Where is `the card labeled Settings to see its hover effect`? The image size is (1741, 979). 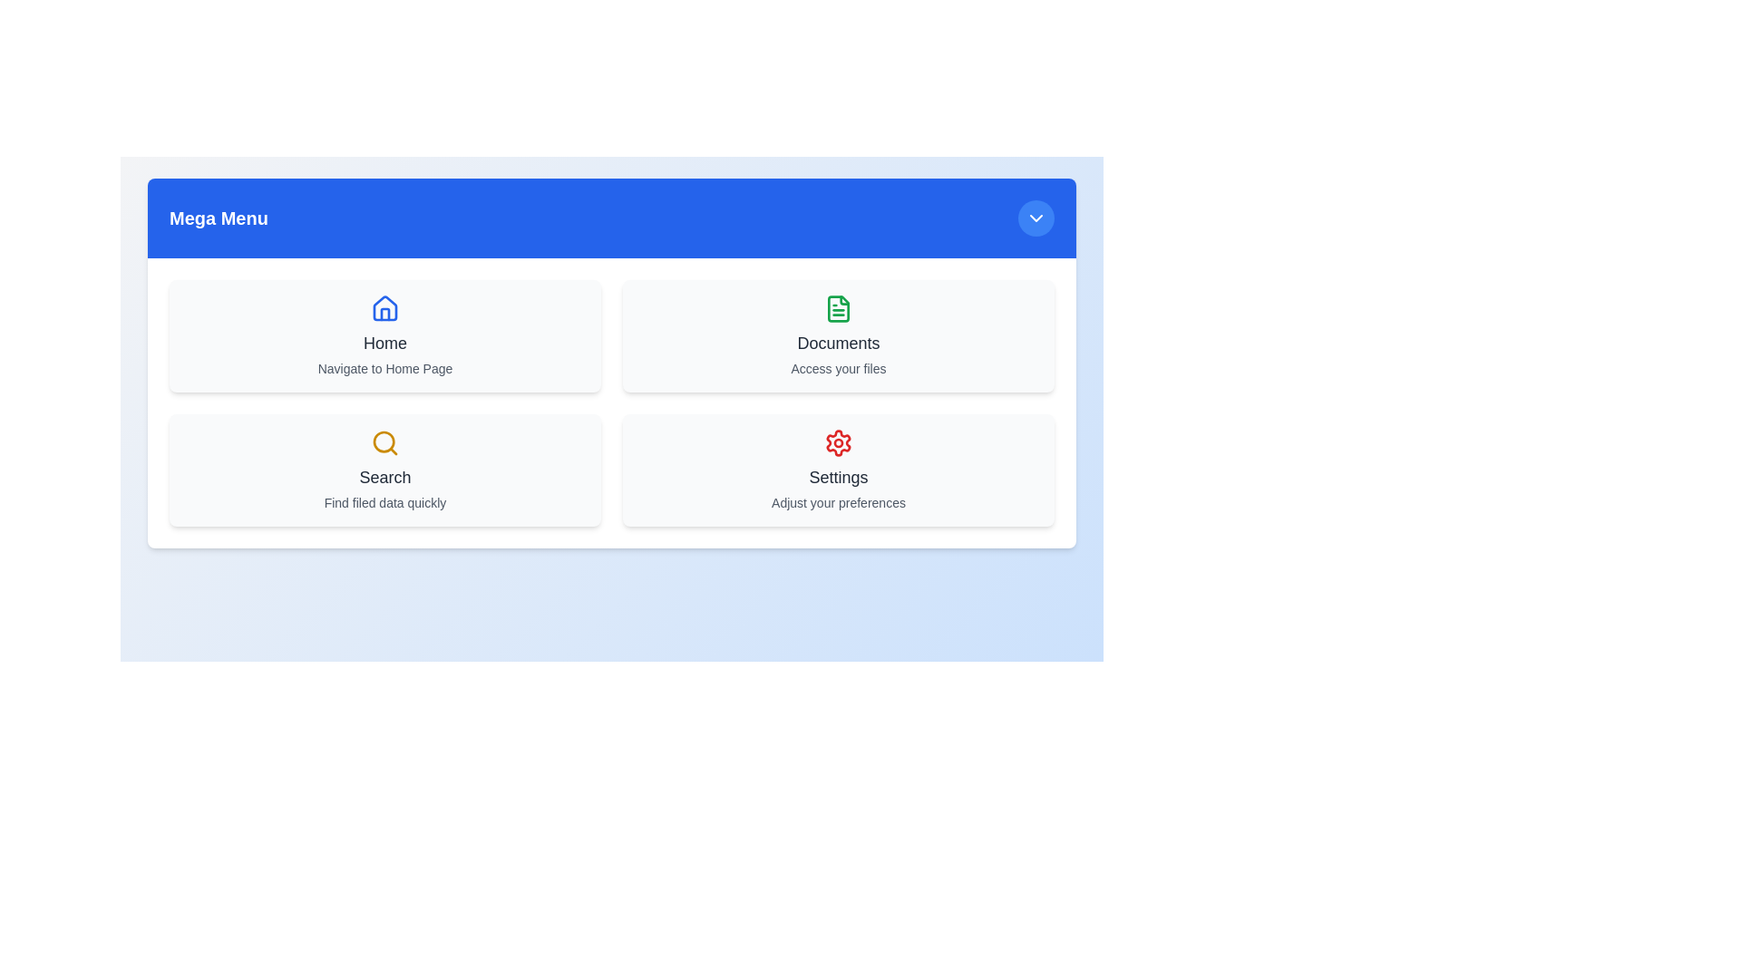 the card labeled Settings to see its hover effect is located at coordinates (838, 470).